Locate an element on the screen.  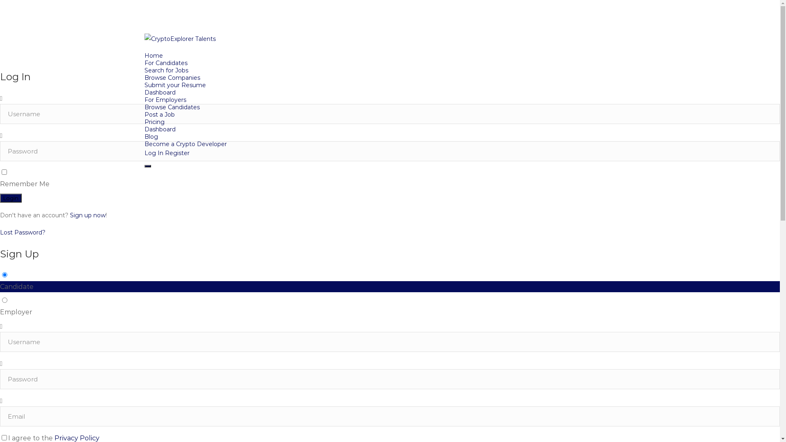
'Submit your Resume' is located at coordinates (174, 85).